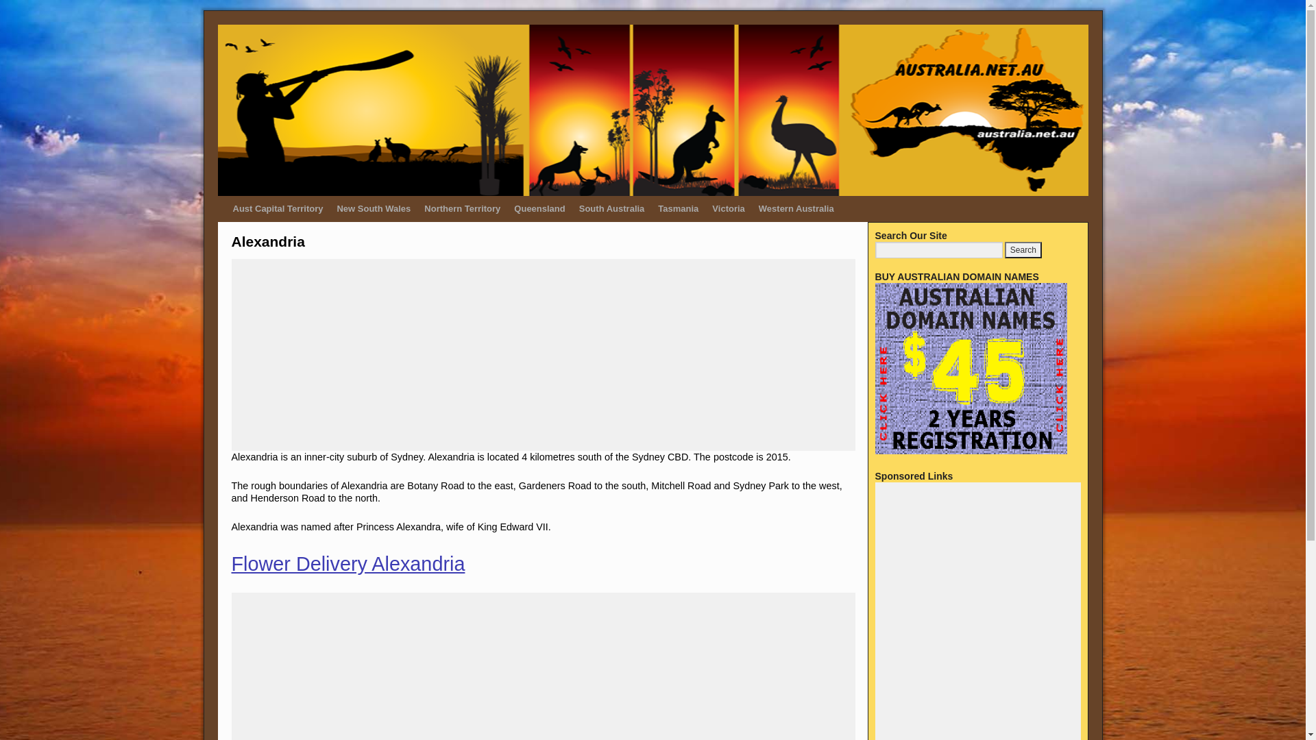  Describe the element at coordinates (278, 208) in the screenshot. I see `'Aust Capital Territory'` at that location.